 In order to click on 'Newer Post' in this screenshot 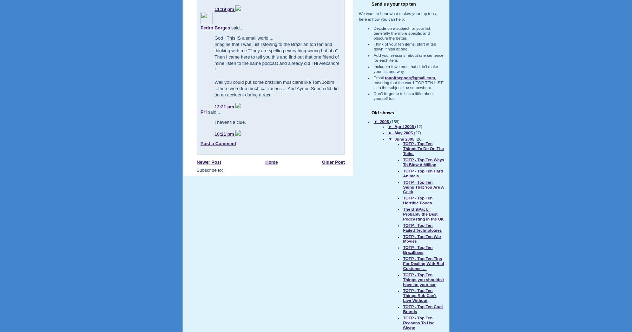, I will do `click(209, 162)`.